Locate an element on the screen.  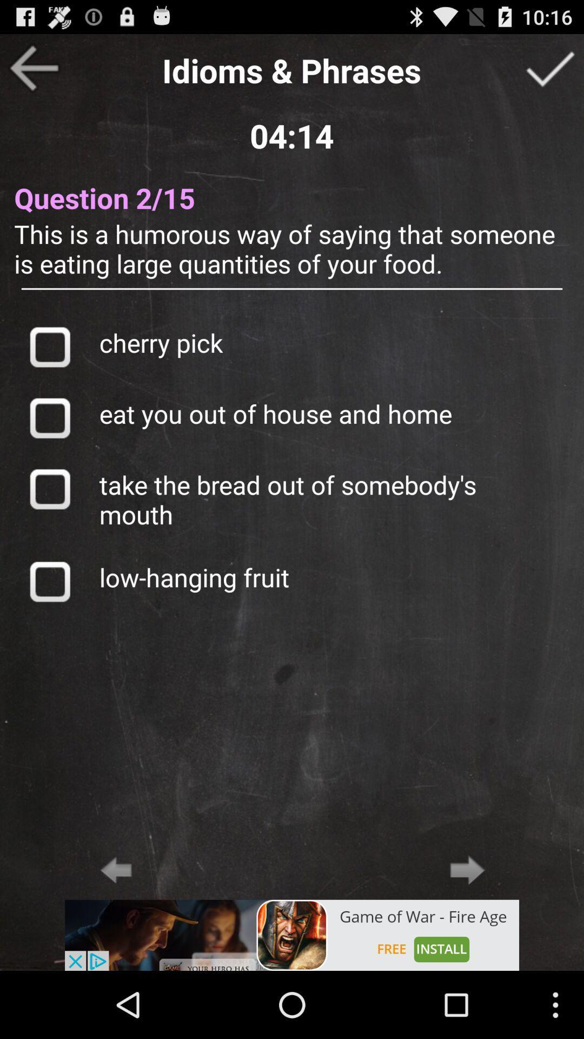
answer question is located at coordinates (550, 67).